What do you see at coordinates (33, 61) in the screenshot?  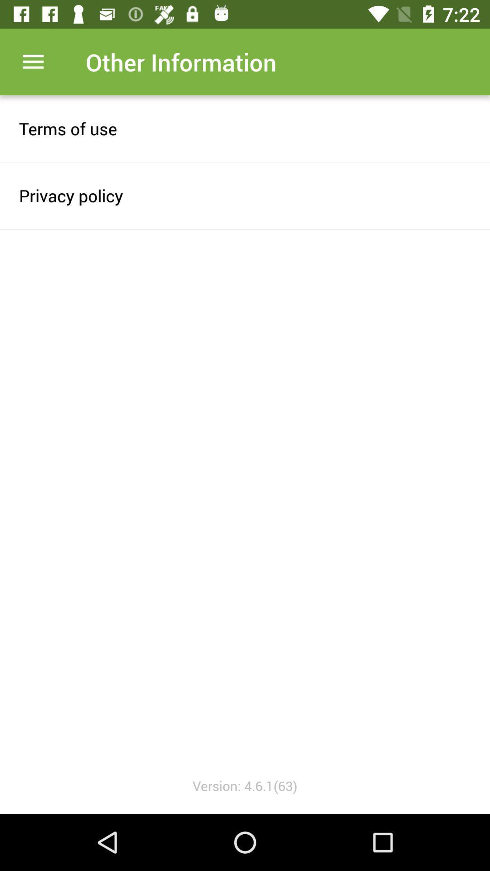 I see `item above the terms of use` at bounding box center [33, 61].